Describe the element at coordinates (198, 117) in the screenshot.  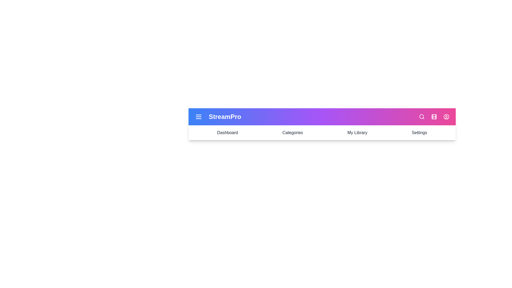
I see `the menu icon to toggle the menu visibility` at that location.